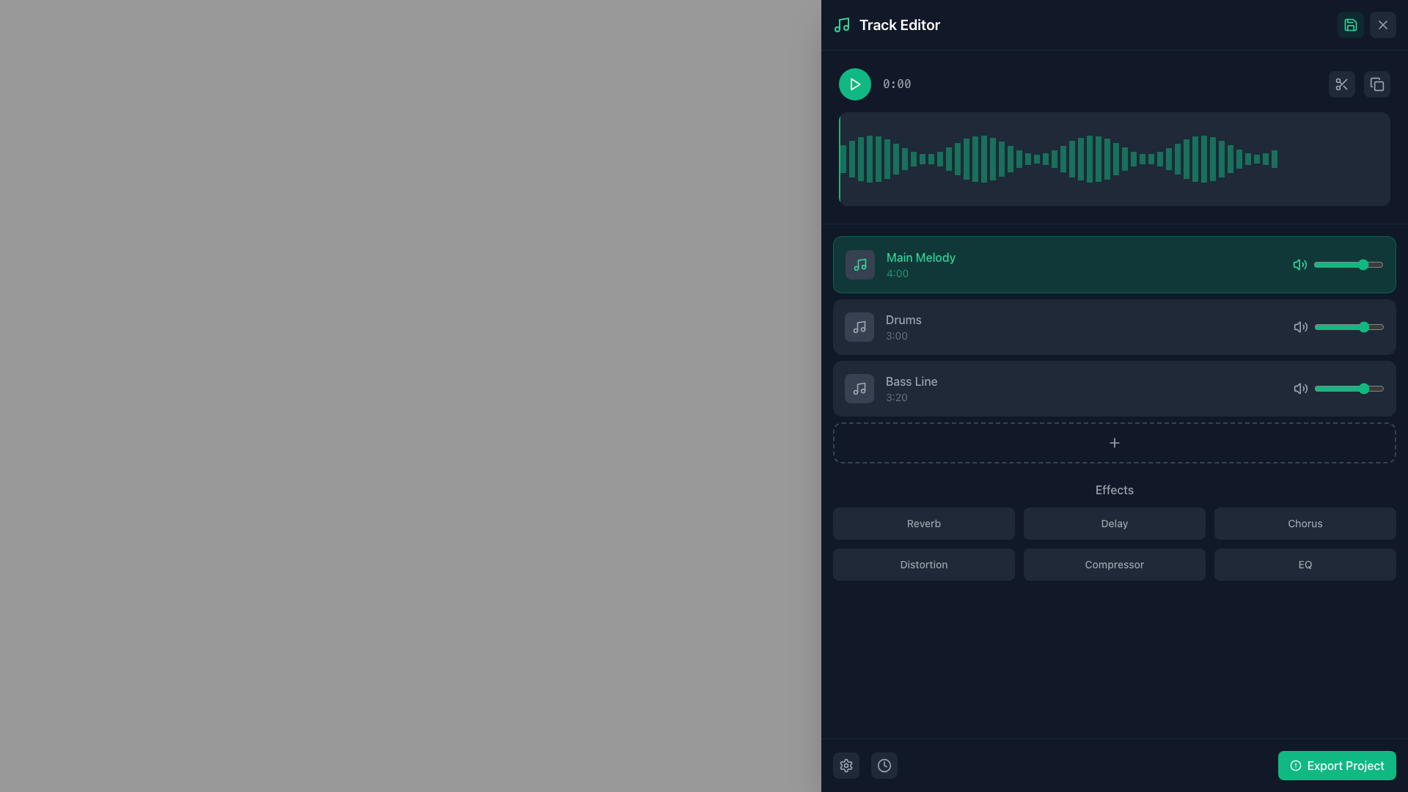 The width and height of the screenshot is (1408, 792). Describe the element at coordinates (851, 158) in the screenshot. I see `the second vertical graphical indicator bar in the top section of the track editor near the waveform display` at that location.